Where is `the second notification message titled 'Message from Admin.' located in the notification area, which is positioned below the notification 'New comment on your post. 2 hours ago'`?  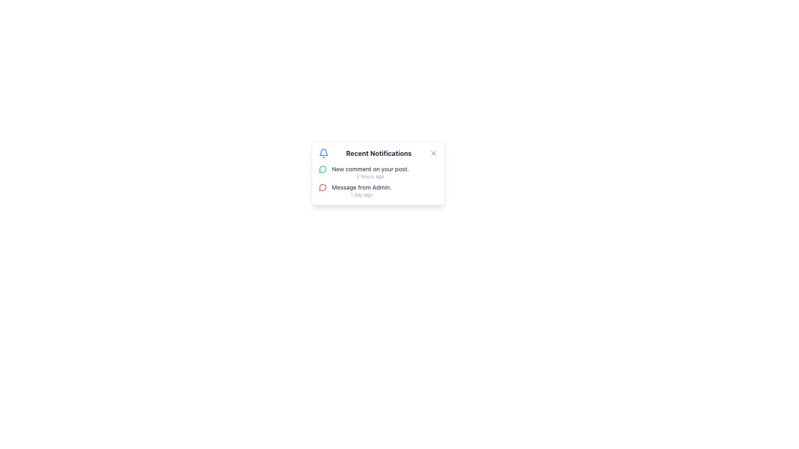 the second notification message titled 'Message from Admin.' located in the notification area, which is positioned below the notification 'New comment on your post. 2 hours ago' is located at coordinates (362, 191).